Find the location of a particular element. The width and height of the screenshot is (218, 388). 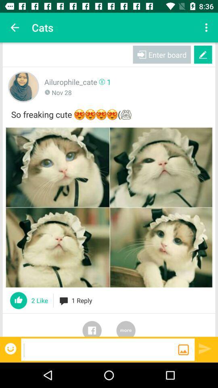

the wallpaper icon is located at coordinates (183, 349).